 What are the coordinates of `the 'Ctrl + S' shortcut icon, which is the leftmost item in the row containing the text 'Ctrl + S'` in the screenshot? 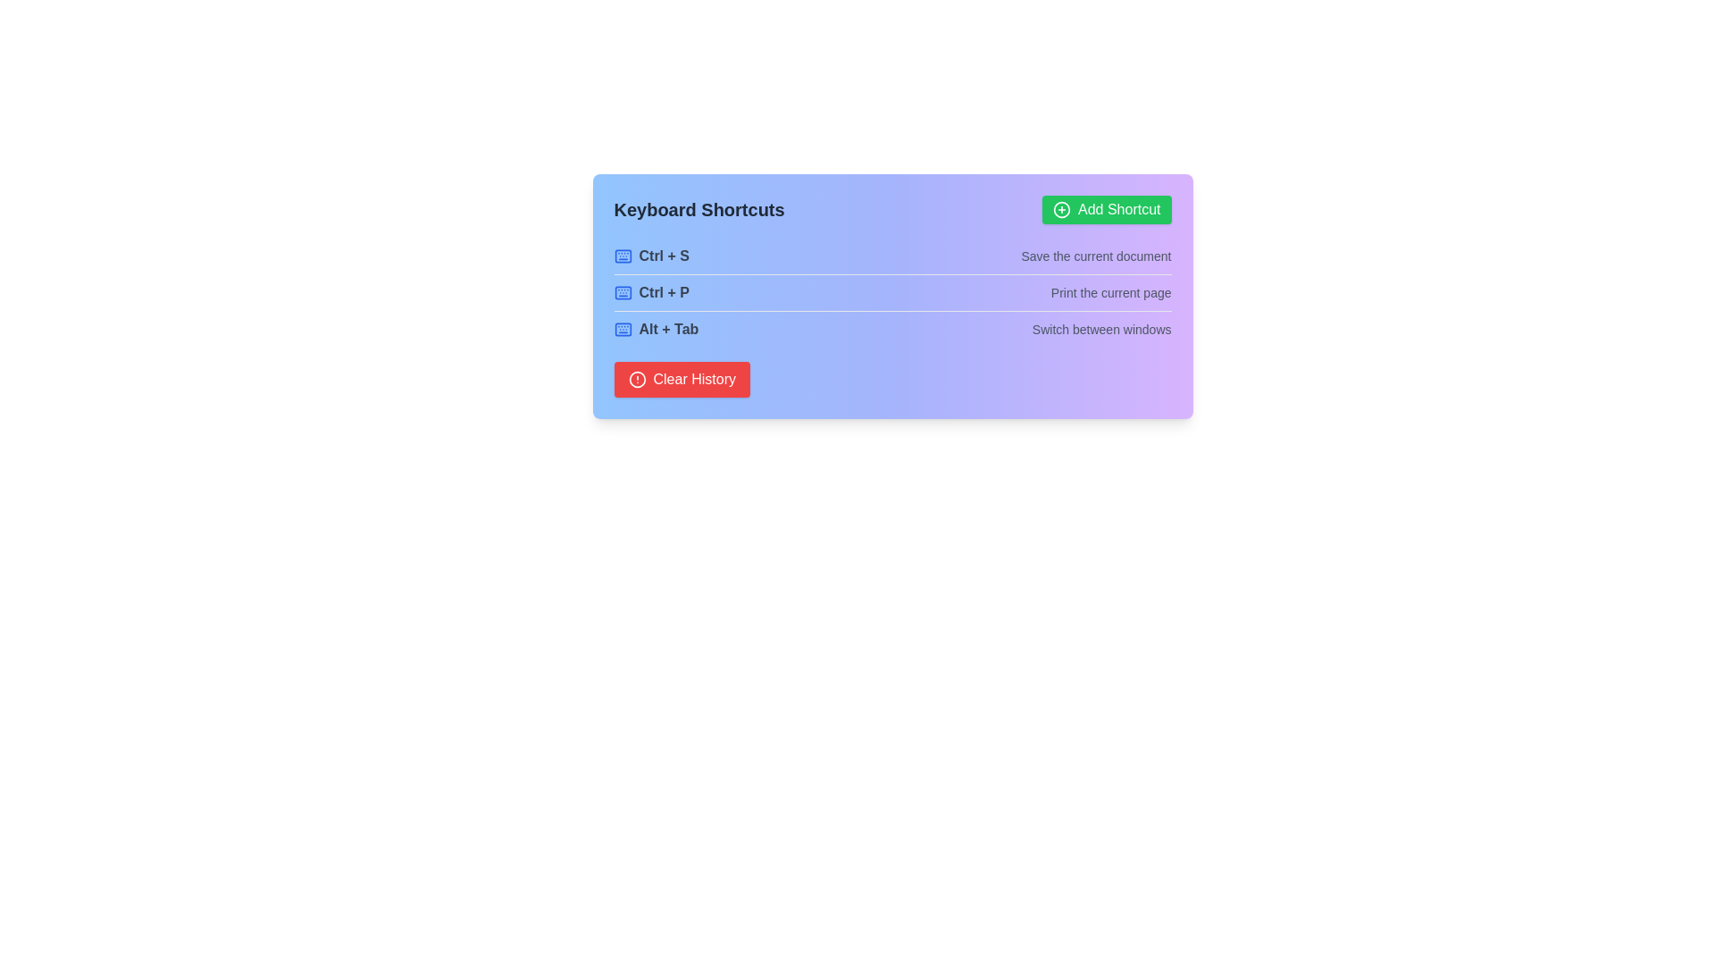 It's located at (623, 256).